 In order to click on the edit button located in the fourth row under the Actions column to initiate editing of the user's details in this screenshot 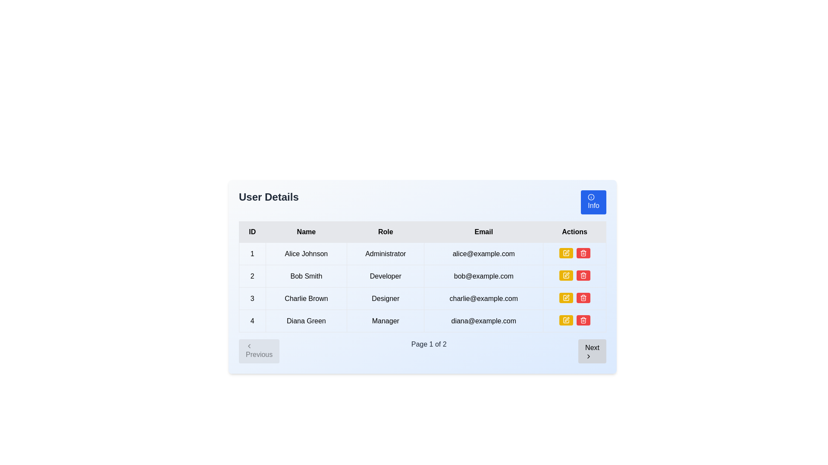, I will do `click(566, 276)`.